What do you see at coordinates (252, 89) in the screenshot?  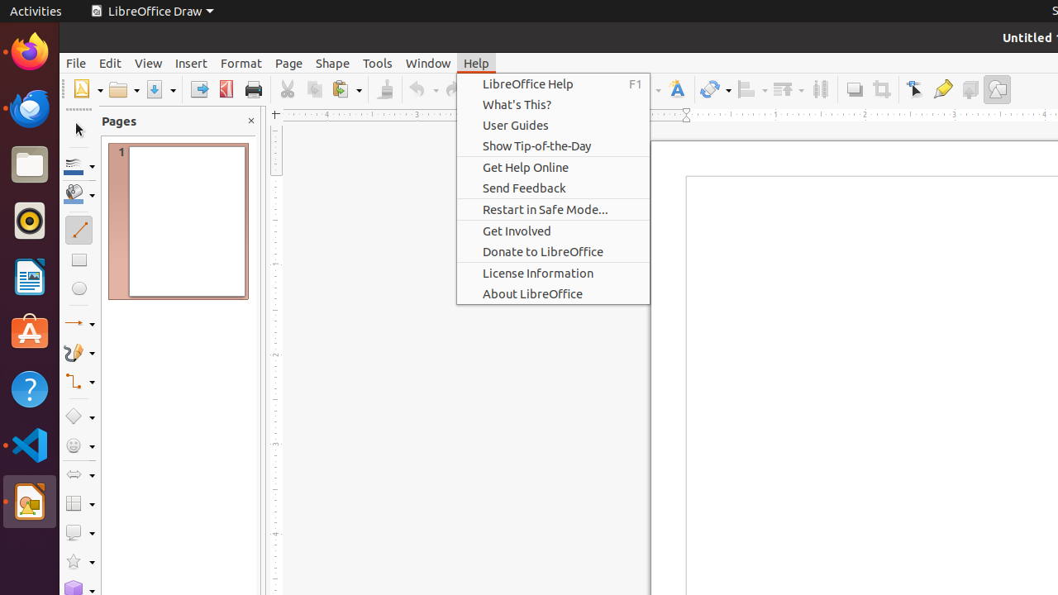 I see `'Print'` at bounding box center [252, 89].